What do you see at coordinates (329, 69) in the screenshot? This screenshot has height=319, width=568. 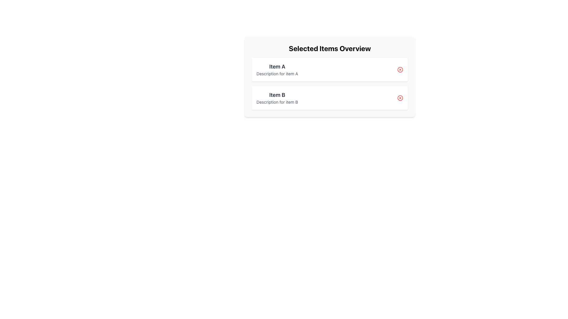 I see `details of the first List item card, which contains 'Item A' in bold and 'Description for item A'` at bounding box center [329, 69].